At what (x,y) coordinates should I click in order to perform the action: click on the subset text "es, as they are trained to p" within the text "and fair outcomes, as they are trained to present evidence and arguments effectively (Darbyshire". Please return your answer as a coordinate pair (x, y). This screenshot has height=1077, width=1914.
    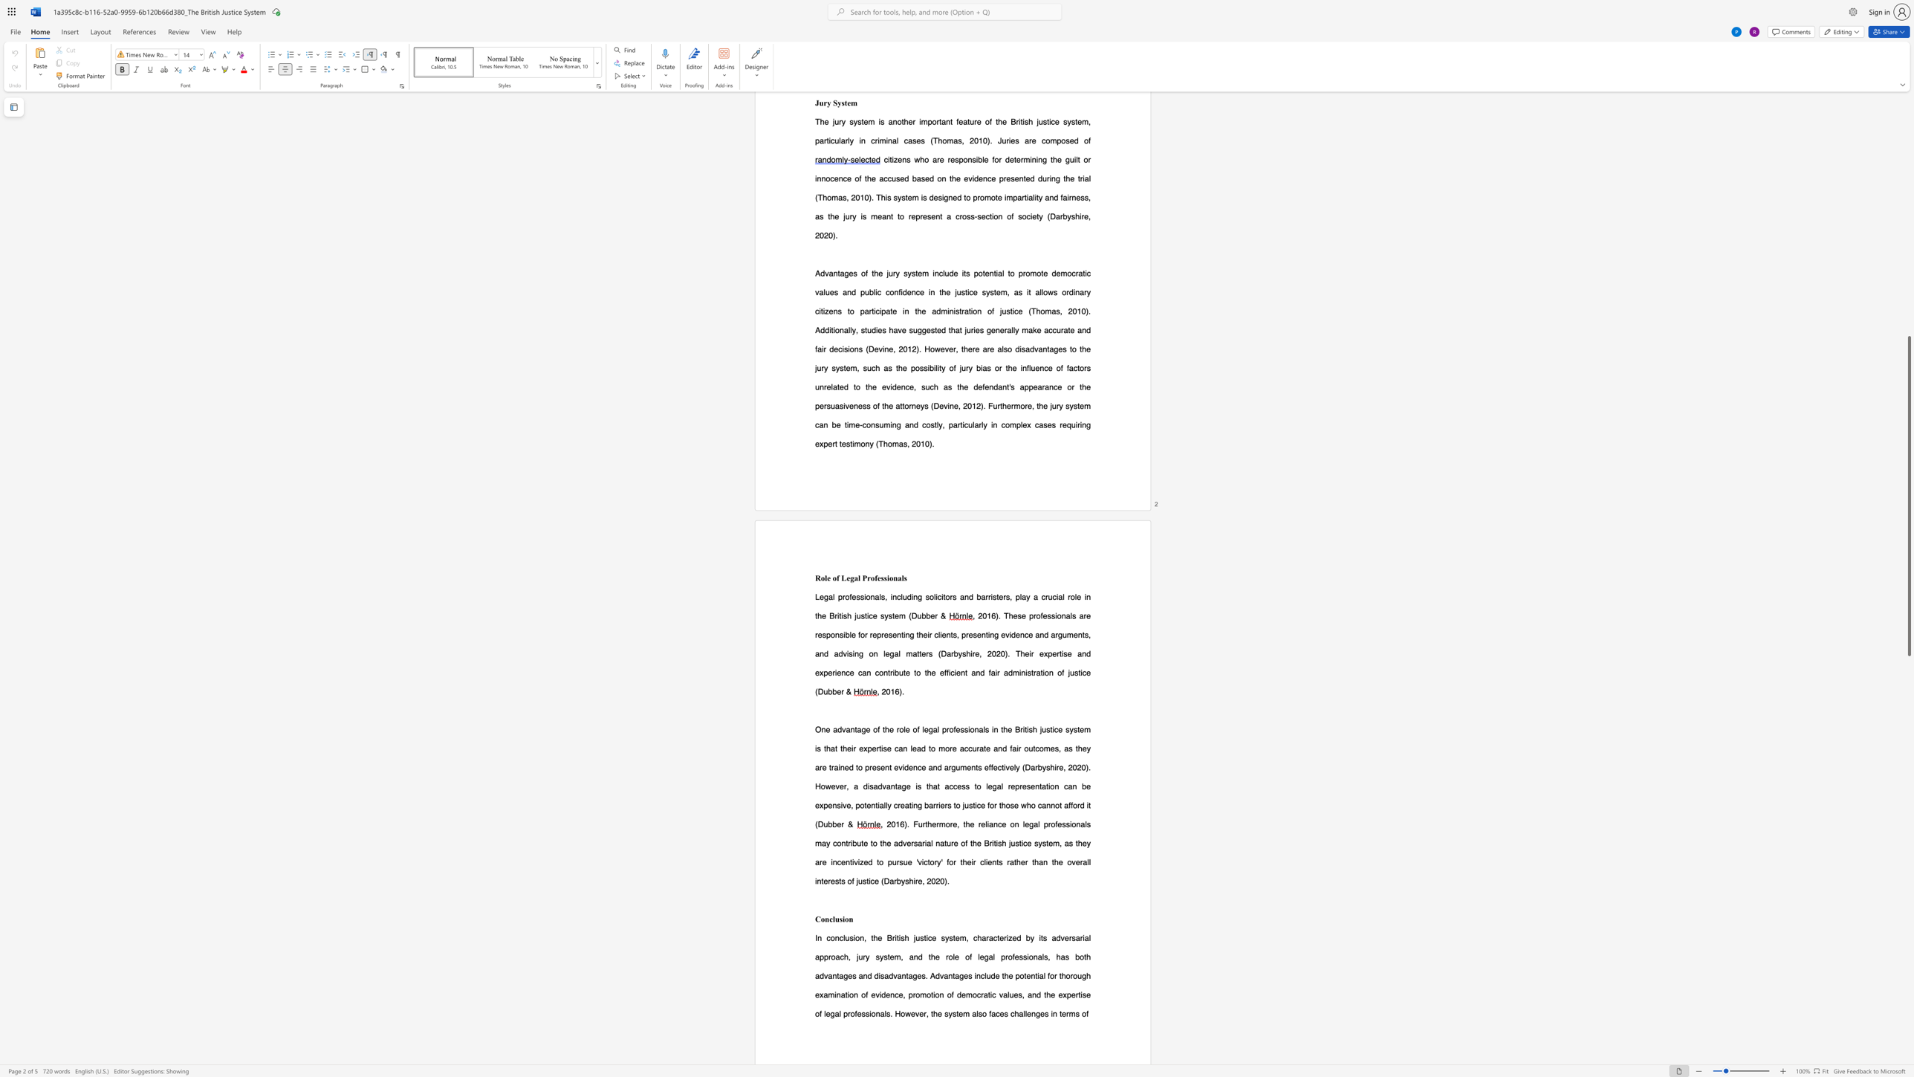
    Looking at the image, I should click on (1050, 748).